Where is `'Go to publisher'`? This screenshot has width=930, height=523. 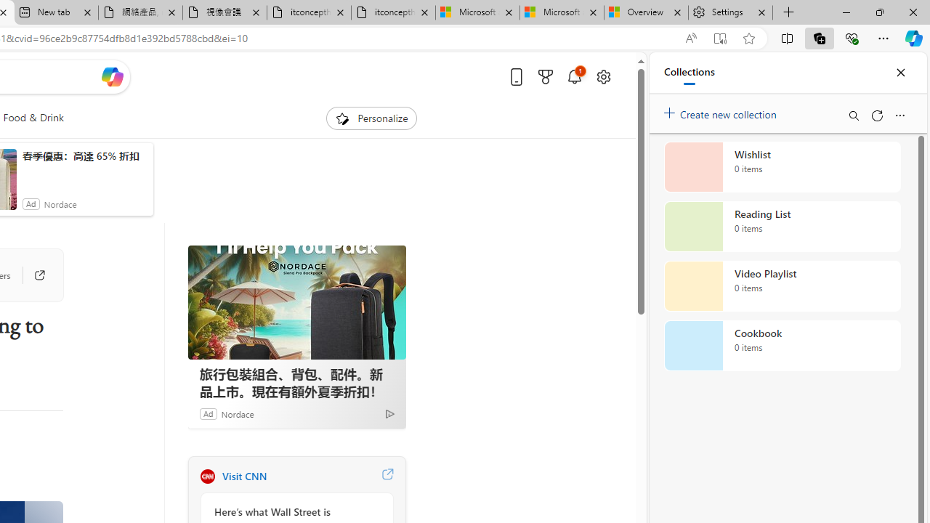 'Go to publisher' is located at coordinates (32, 275).